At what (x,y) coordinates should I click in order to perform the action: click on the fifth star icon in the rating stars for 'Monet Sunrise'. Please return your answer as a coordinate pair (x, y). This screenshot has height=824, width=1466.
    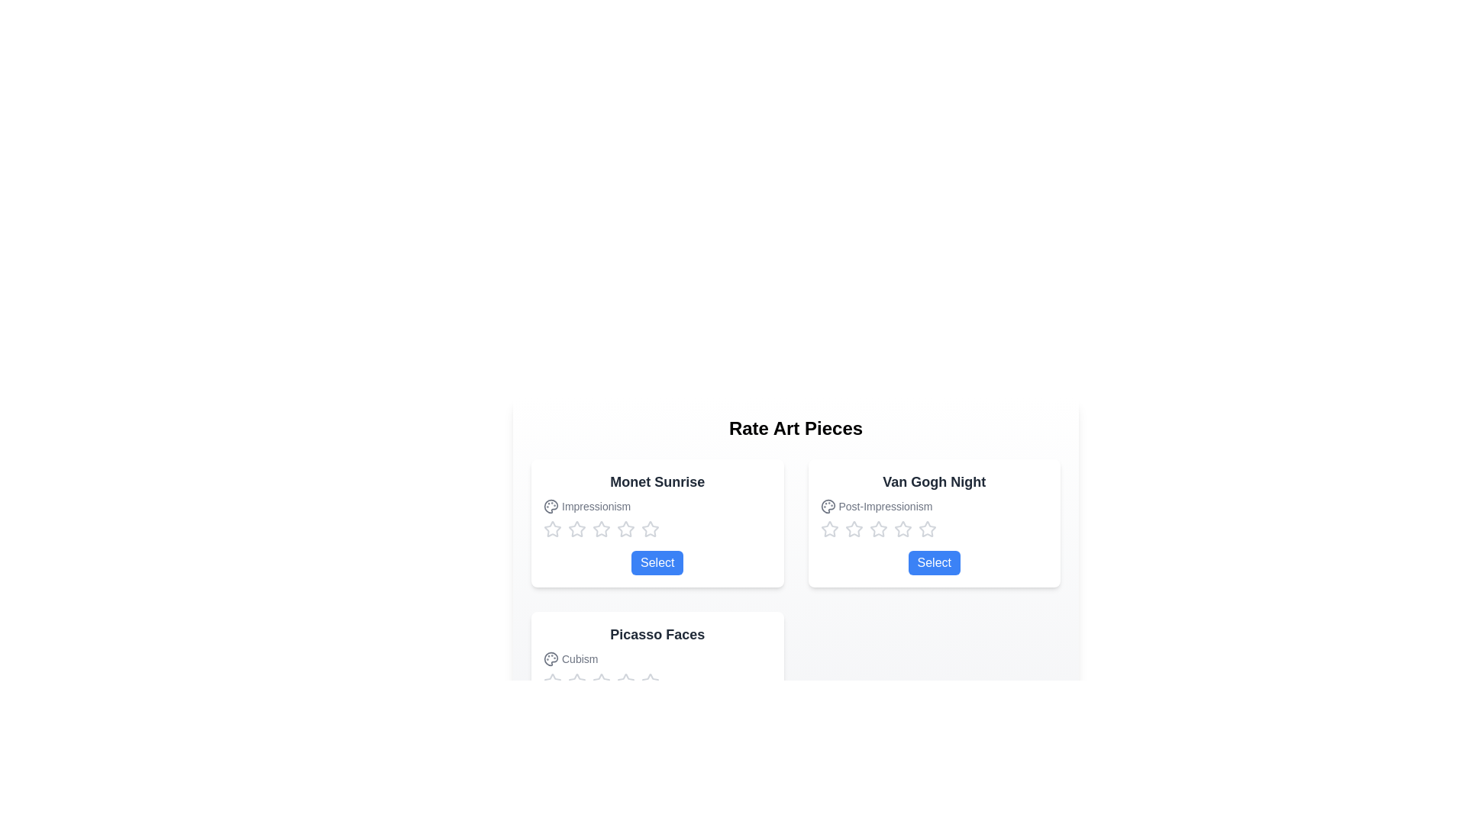
    Looking at the image, I should click on (626, 529).